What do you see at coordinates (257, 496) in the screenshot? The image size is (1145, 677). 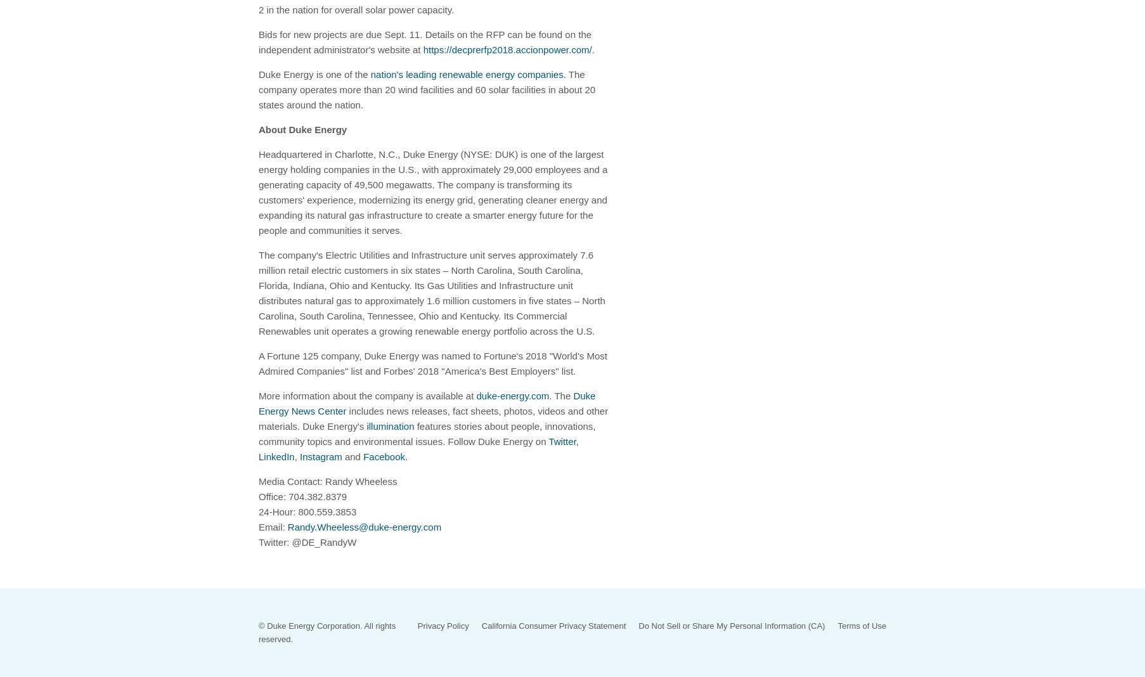 I see `'Office: 704.382.8379'` at bounding box center [257, 496].